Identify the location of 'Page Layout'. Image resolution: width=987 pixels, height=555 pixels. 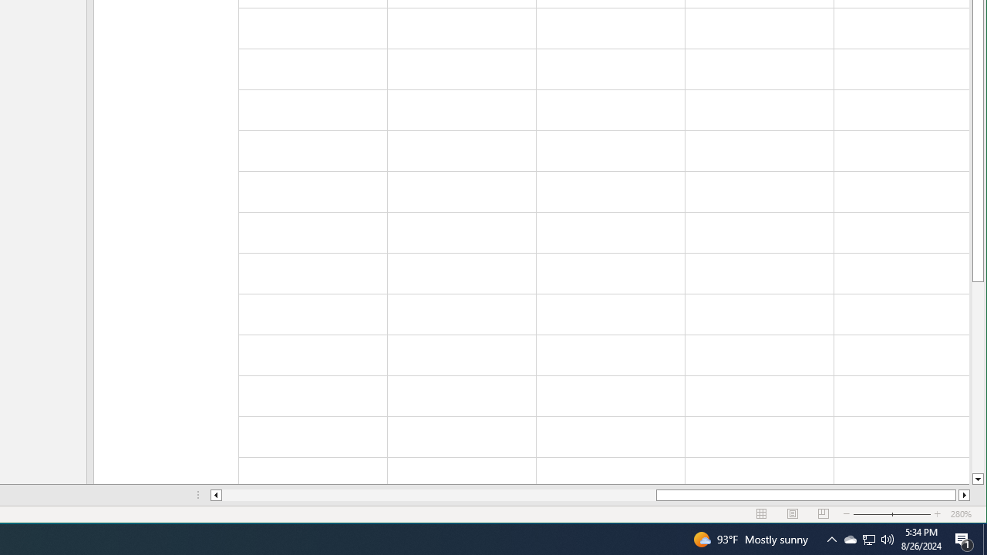
(793, 514).